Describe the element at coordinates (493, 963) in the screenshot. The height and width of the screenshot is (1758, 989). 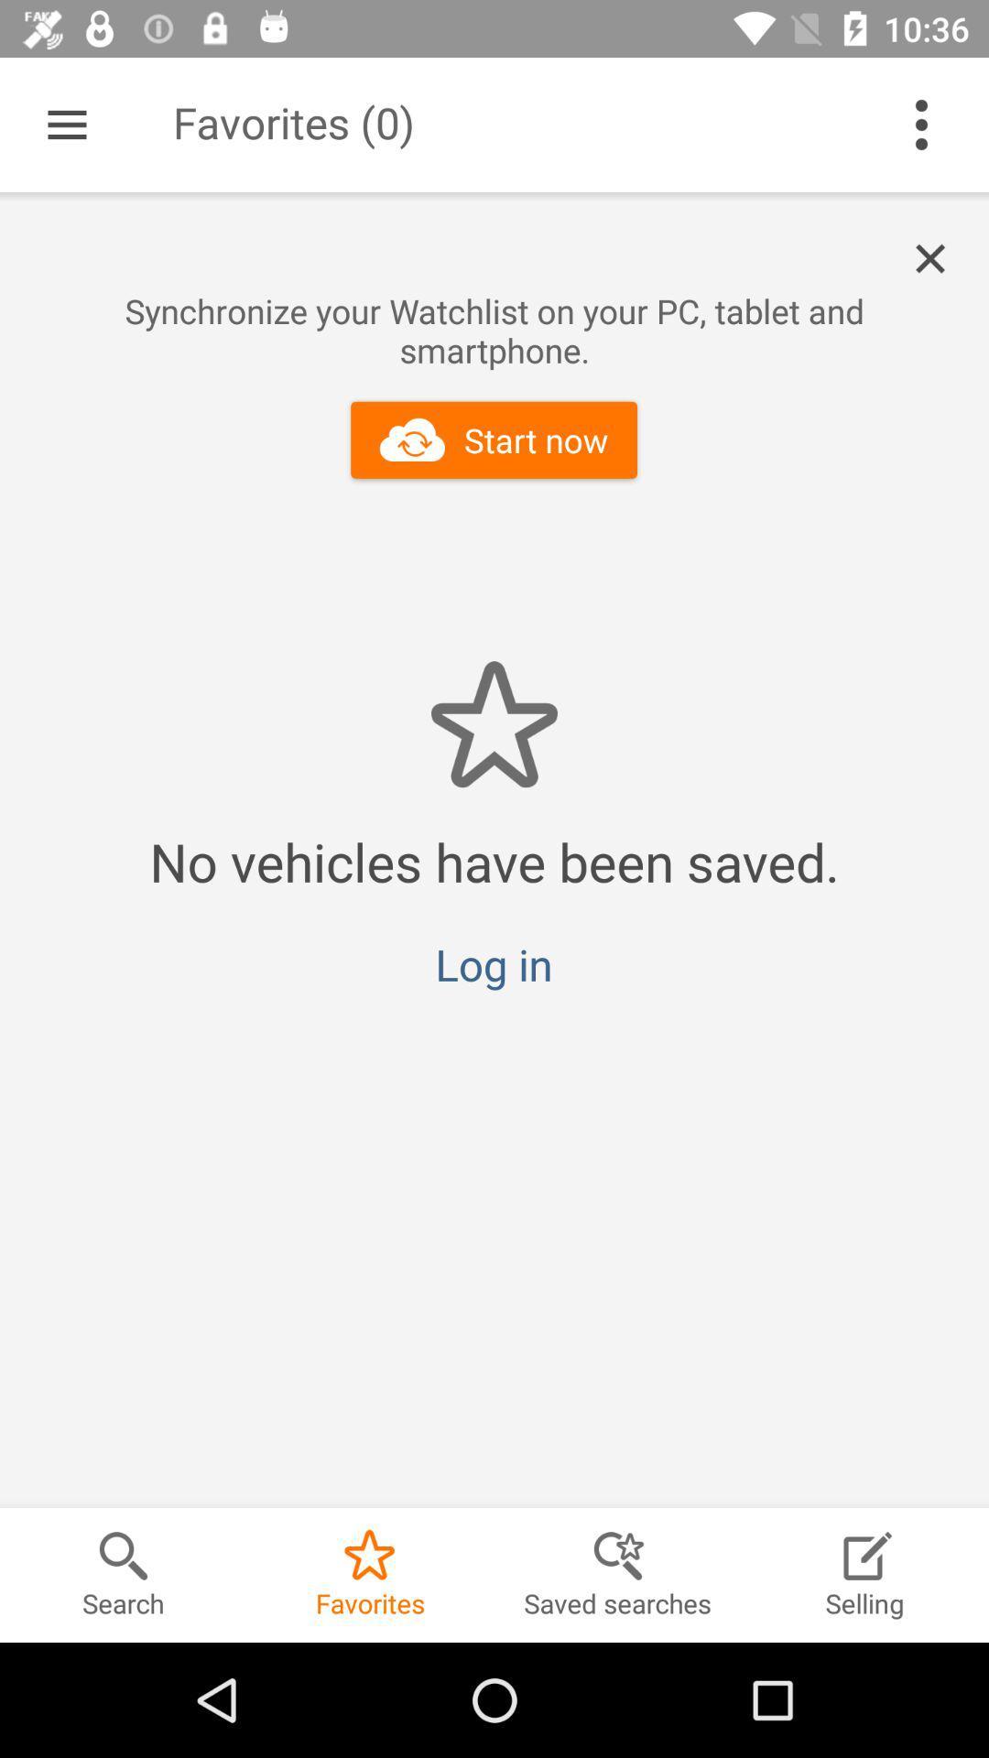
I see `the log in item` at that location.